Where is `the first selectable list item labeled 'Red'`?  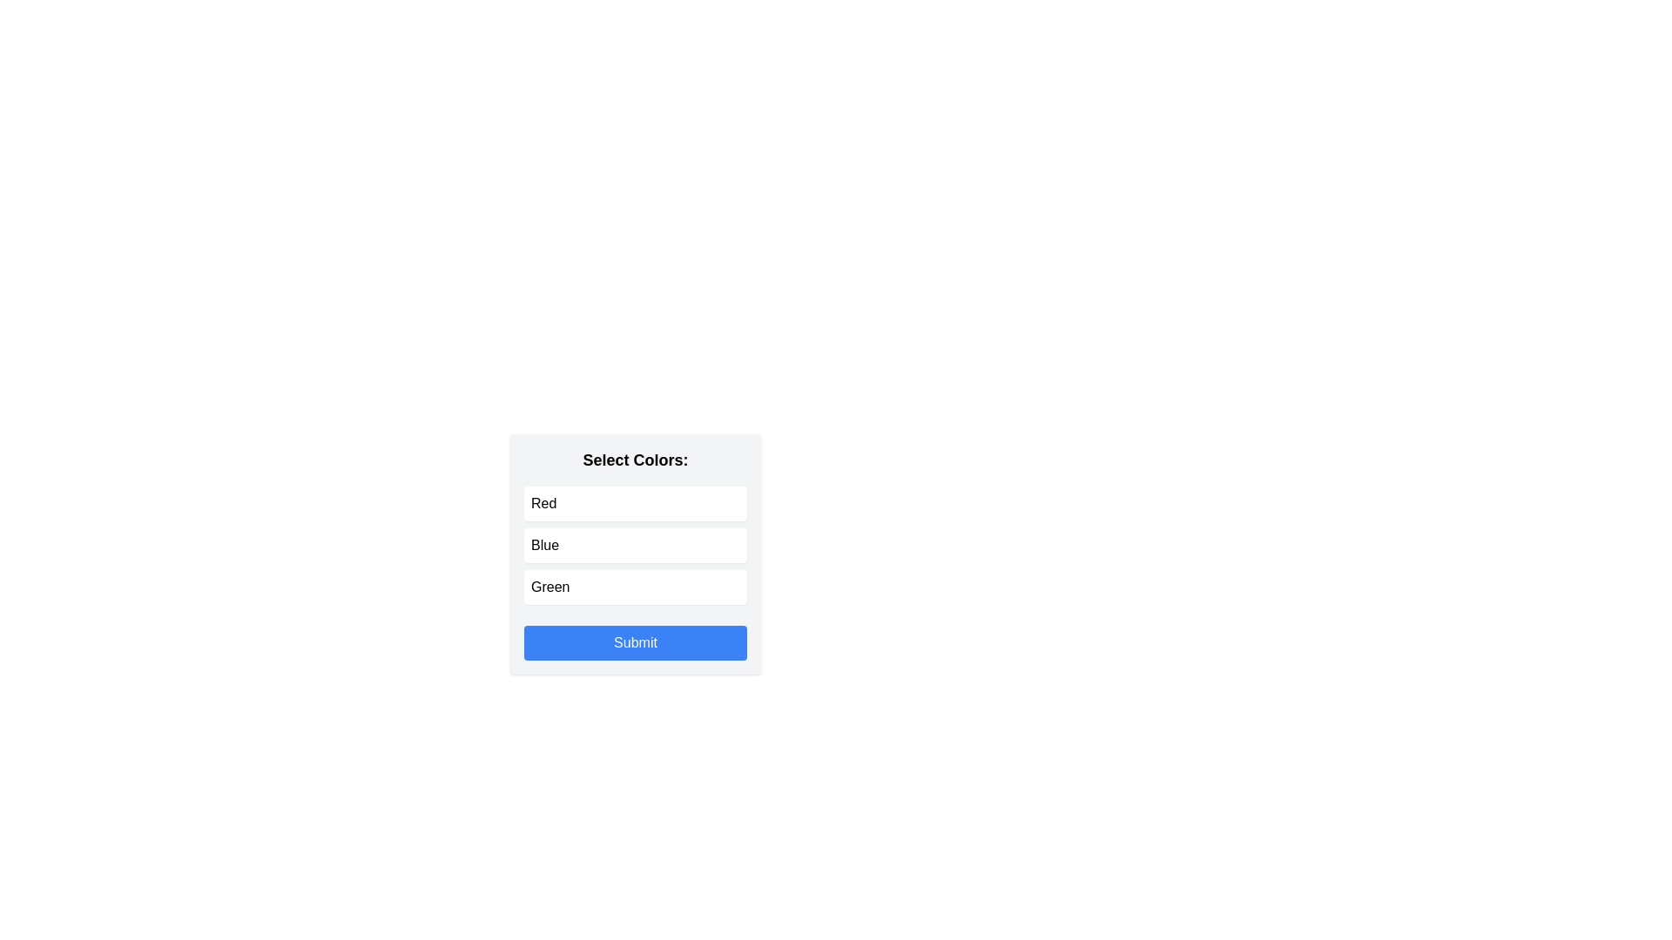 the first selectable list item labeled 'Red' is located at coordinates (634, 503).